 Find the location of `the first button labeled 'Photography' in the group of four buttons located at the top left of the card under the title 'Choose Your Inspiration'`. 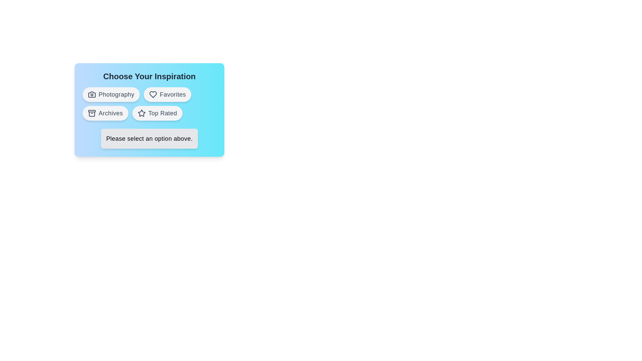

the first button labeled 'Photography' in the group of four buttons located at the top left of the card under the title 'Choose Your Inspiration' is located at coordinates (116, 94).